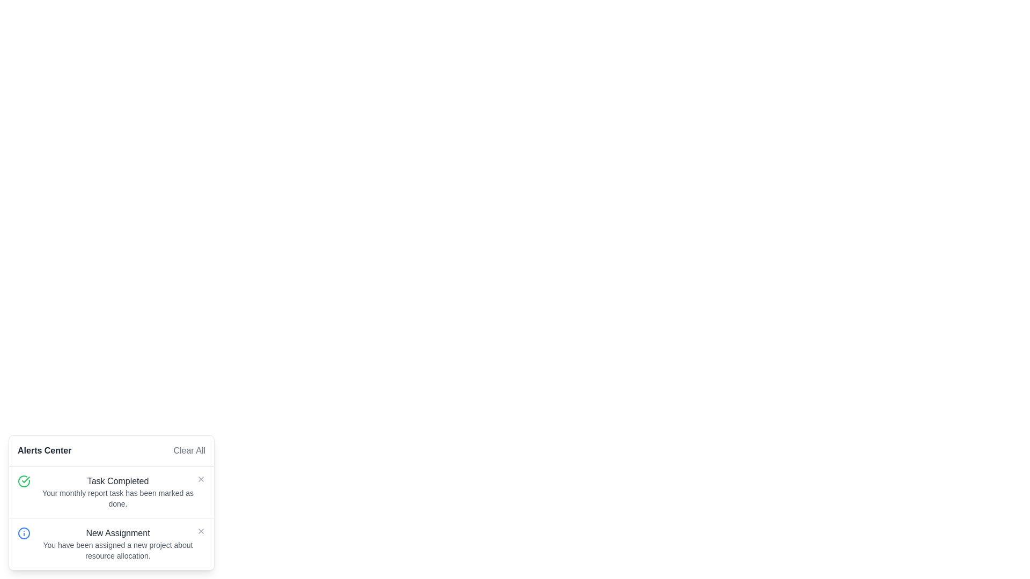  What do you see at coordinates (26, 479) in the screenshot?
I see `the green check mark icon within the circular icon in the 'Task Completed' notification card located at the top of the notification area in the Alerts Center` at bounding box center [26, 479].